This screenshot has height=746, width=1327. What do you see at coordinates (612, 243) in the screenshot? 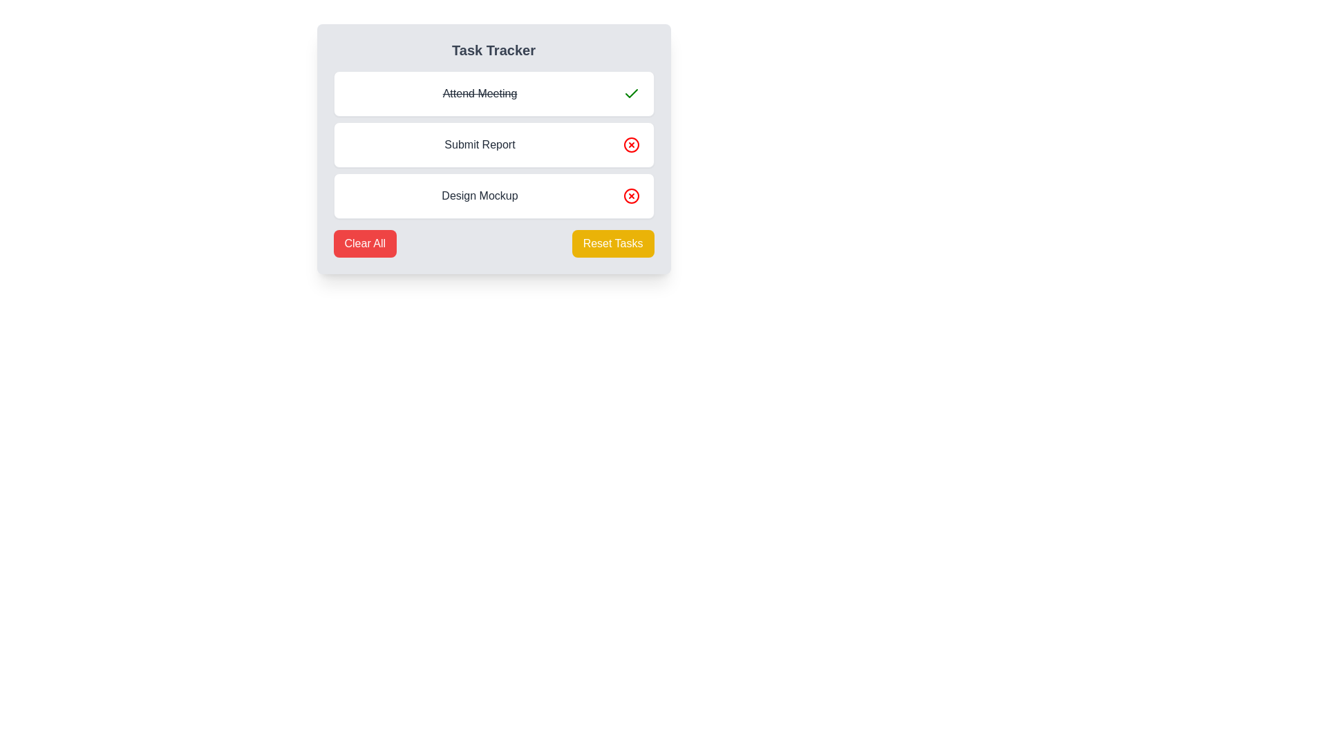
I see `the yellow rectangular button labeled 'Reset Tasks' to change its appearance` at bounding box center [612, 243].